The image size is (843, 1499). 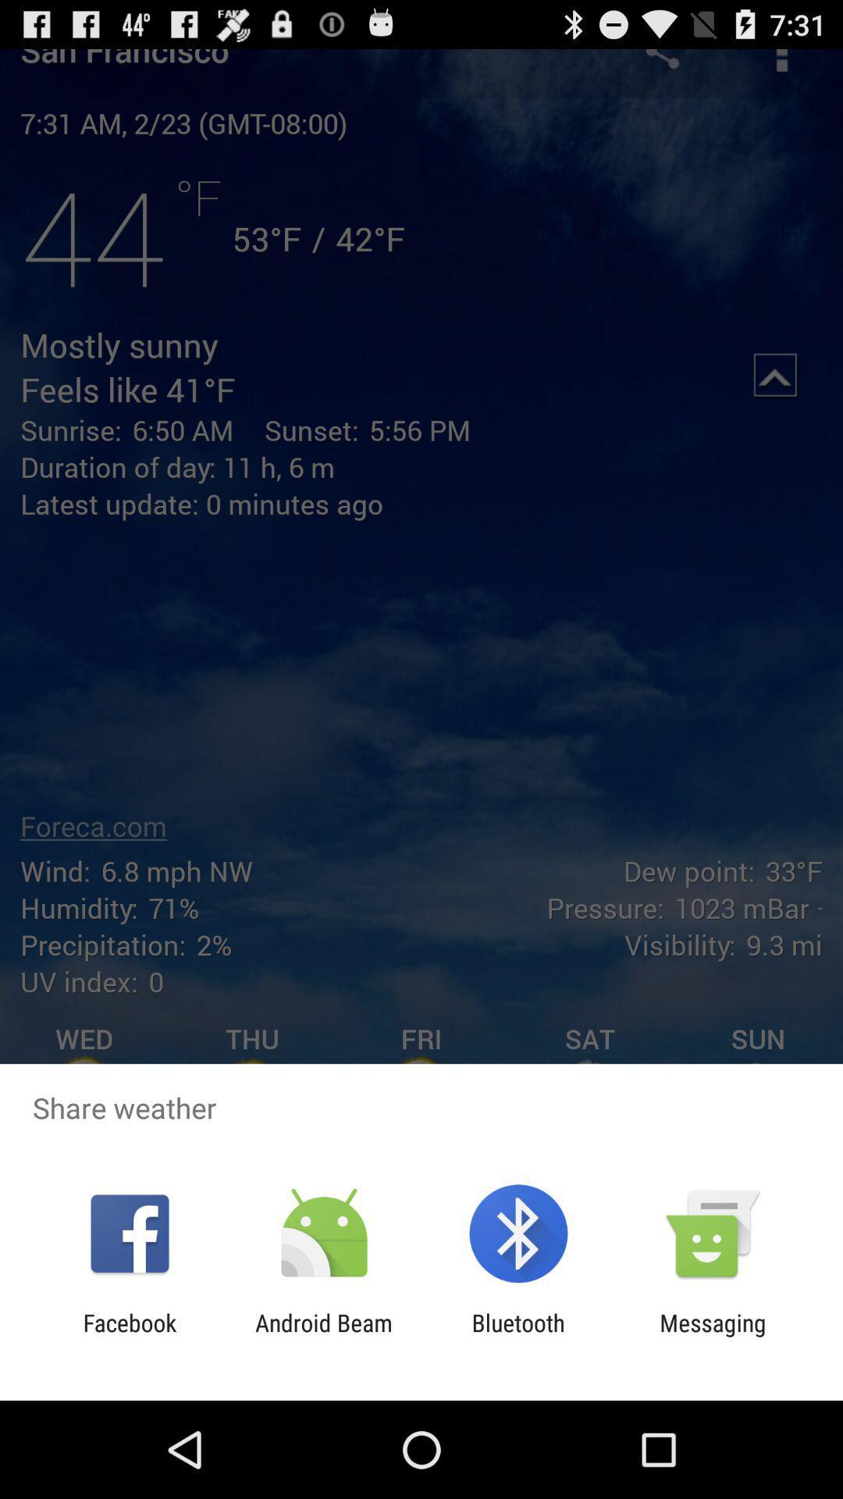 What do you see at coordinates (323, 1336) in the screenshot?
I see `the android beam icon` at bounding box center [323, 1336].